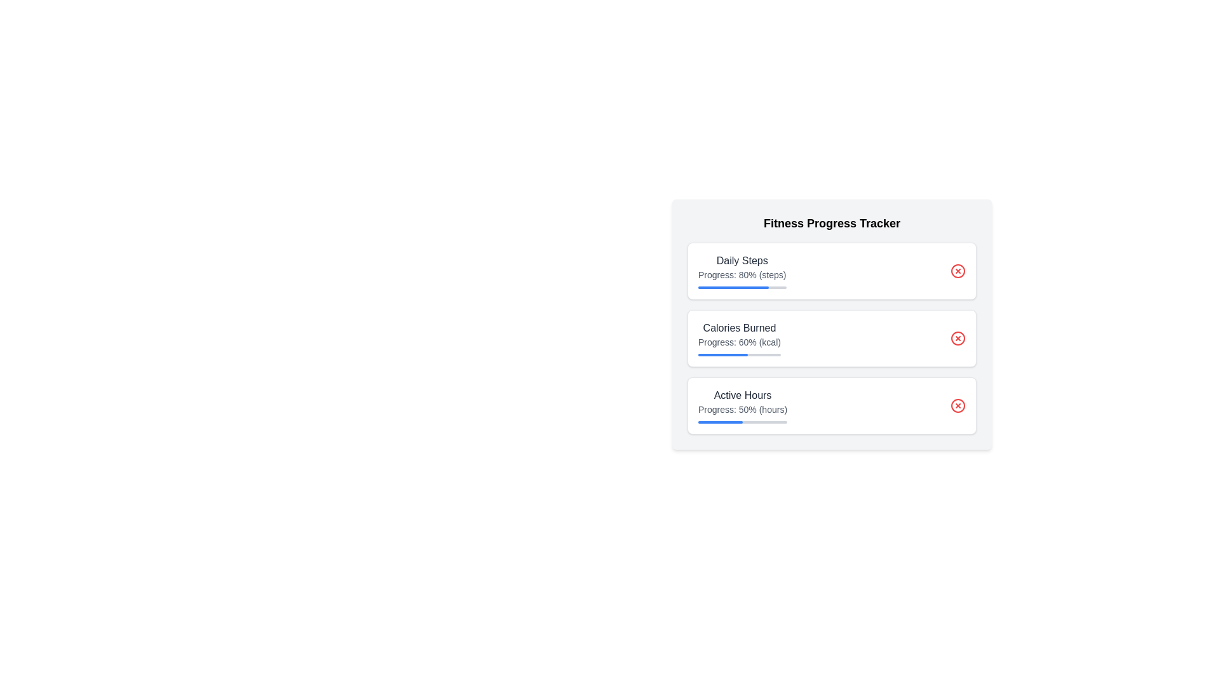 This screenshot has height=686, width=1220. I want to click on textual information from the 'Daily Steps' progress tracker, which includes the title and progress percentage, so click(832, 271).